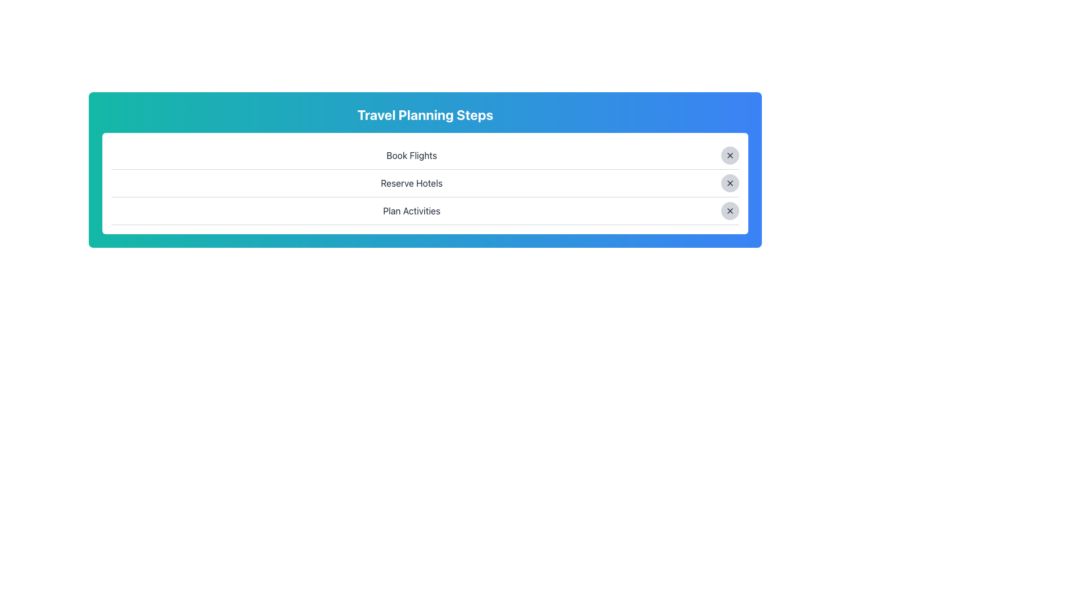  Describe the element at coordinates (425, 183) in the screenshot. I see `the 'Reserve Hotels' step in the travel planning process, located between 'Book Flights' and 'Plan Activities'` at that location.